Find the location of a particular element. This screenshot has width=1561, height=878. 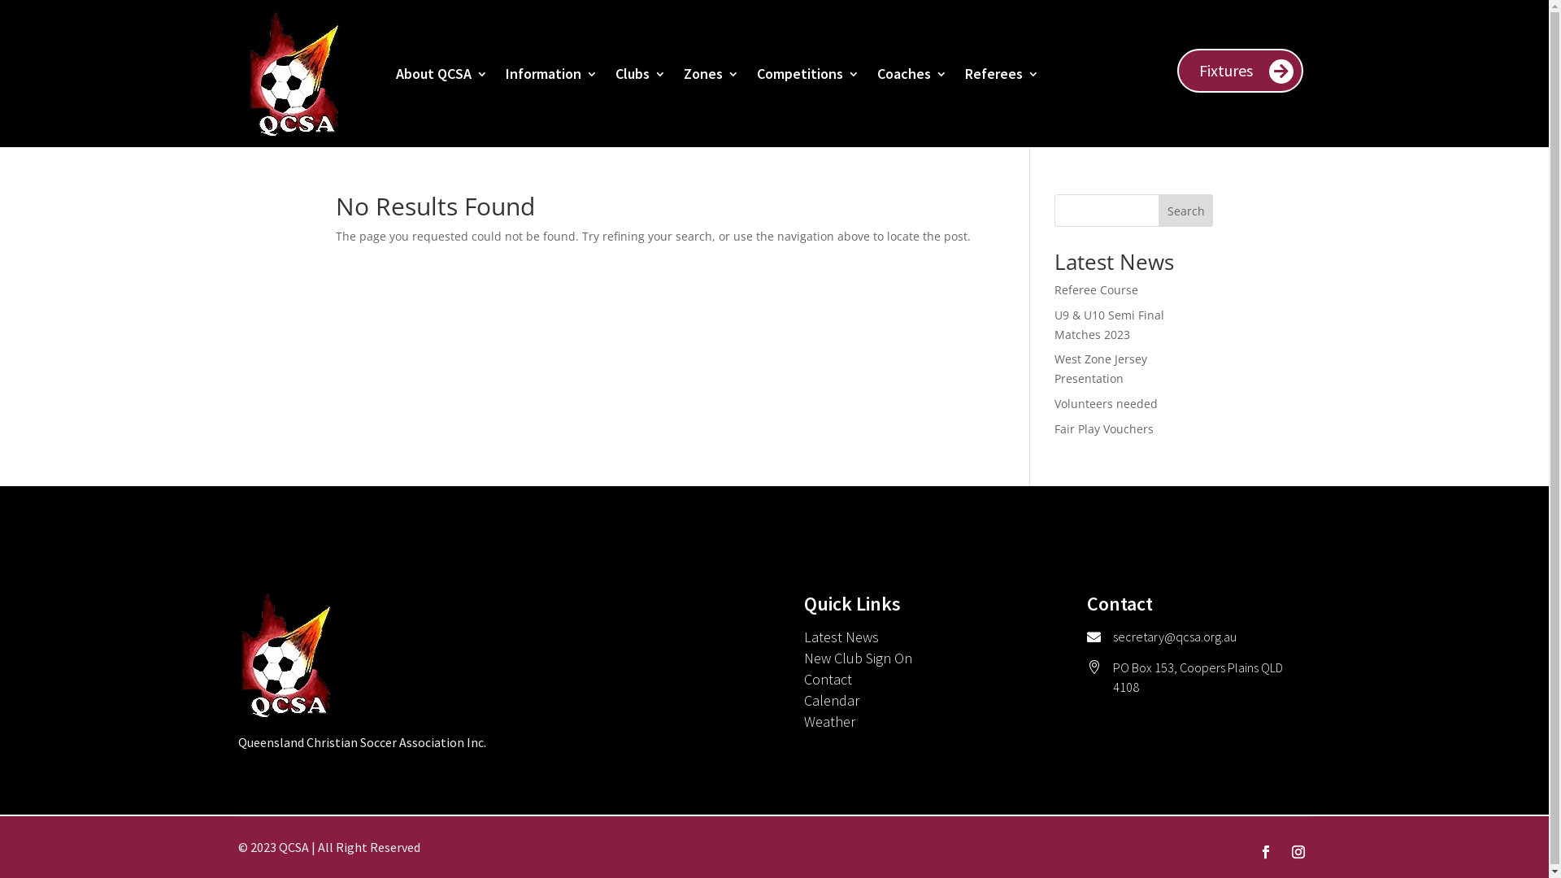

'Volunteers needed' is located at coordinates (1106, 402).